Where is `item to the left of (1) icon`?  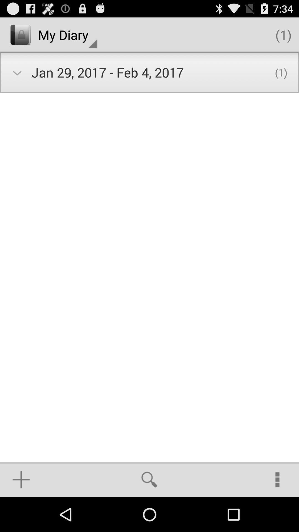
item to the left of (1) icon is located at coordinates (67, 34).